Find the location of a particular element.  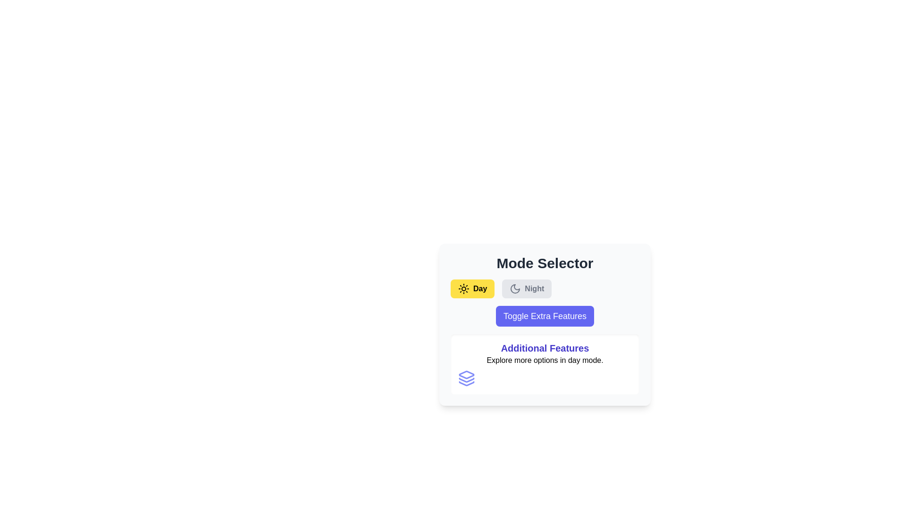

the button located within the 'Mode Selector' card, which activates additional features is located at coordinates (545, 316).